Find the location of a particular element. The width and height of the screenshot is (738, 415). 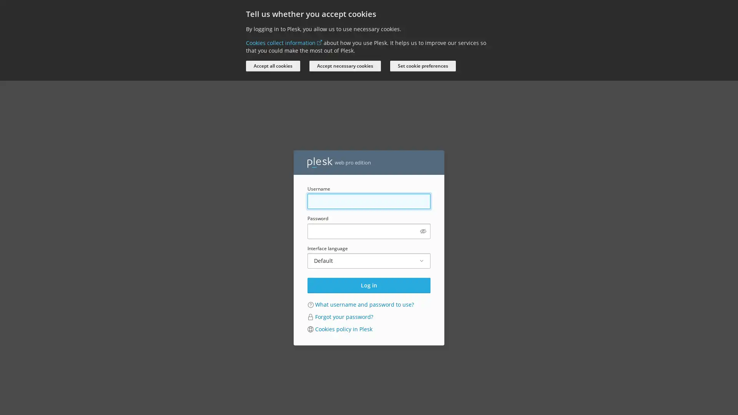

Set cookie preferences is located at coordinates (422, 66).